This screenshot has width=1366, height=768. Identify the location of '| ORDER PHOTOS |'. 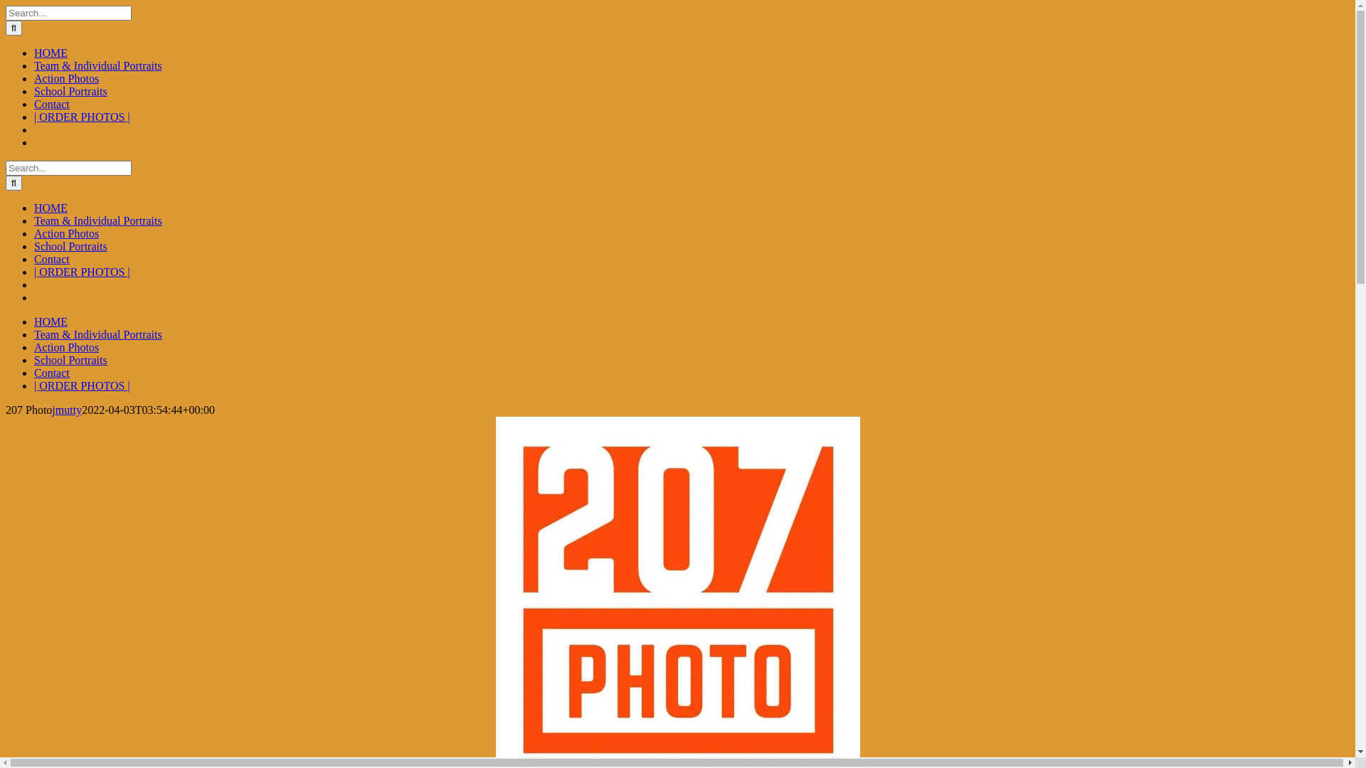
(81, 272).